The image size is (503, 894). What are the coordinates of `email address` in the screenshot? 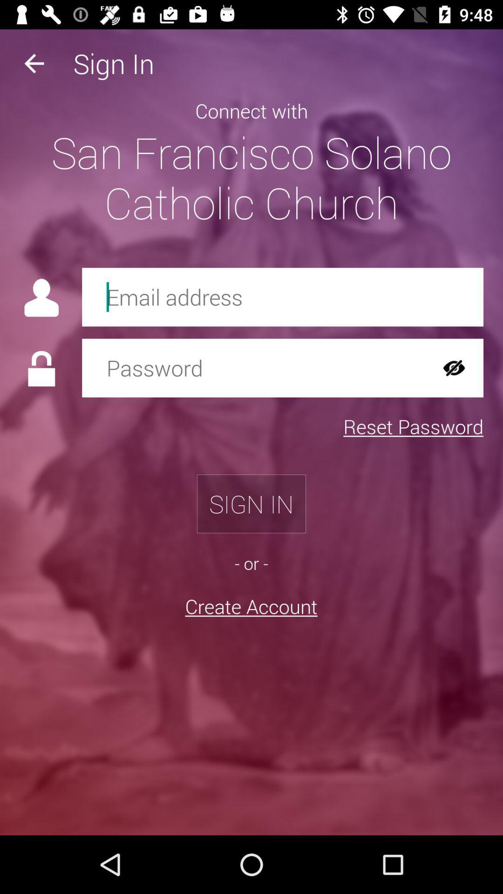 It's located at (282, 297).